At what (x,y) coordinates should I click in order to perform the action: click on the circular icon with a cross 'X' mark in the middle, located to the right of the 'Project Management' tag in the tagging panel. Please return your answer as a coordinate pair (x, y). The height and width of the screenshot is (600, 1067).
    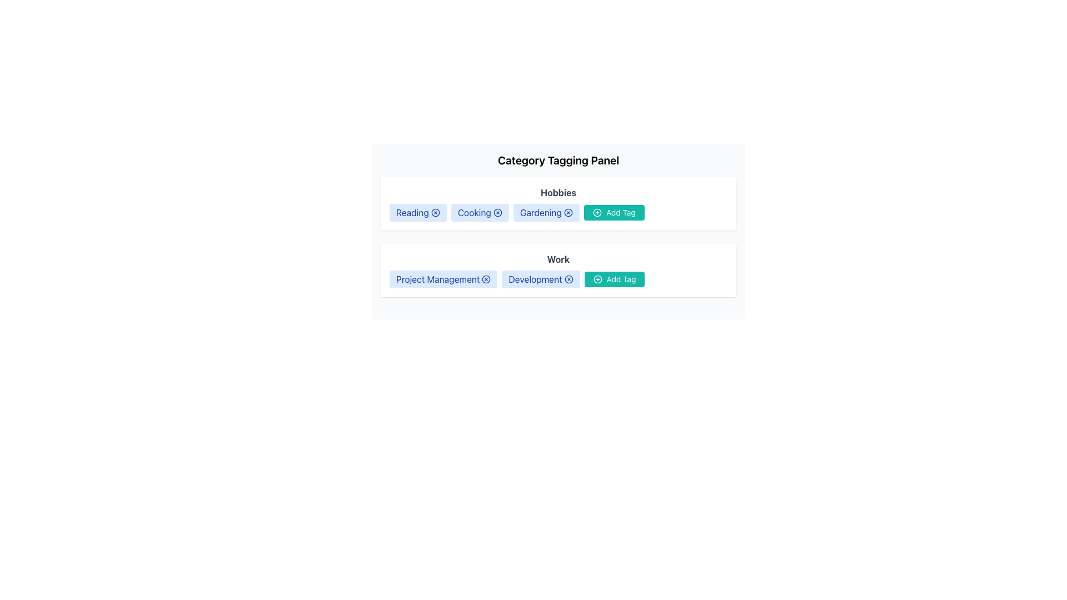
    Looking at the image, I should click on (486, 278).